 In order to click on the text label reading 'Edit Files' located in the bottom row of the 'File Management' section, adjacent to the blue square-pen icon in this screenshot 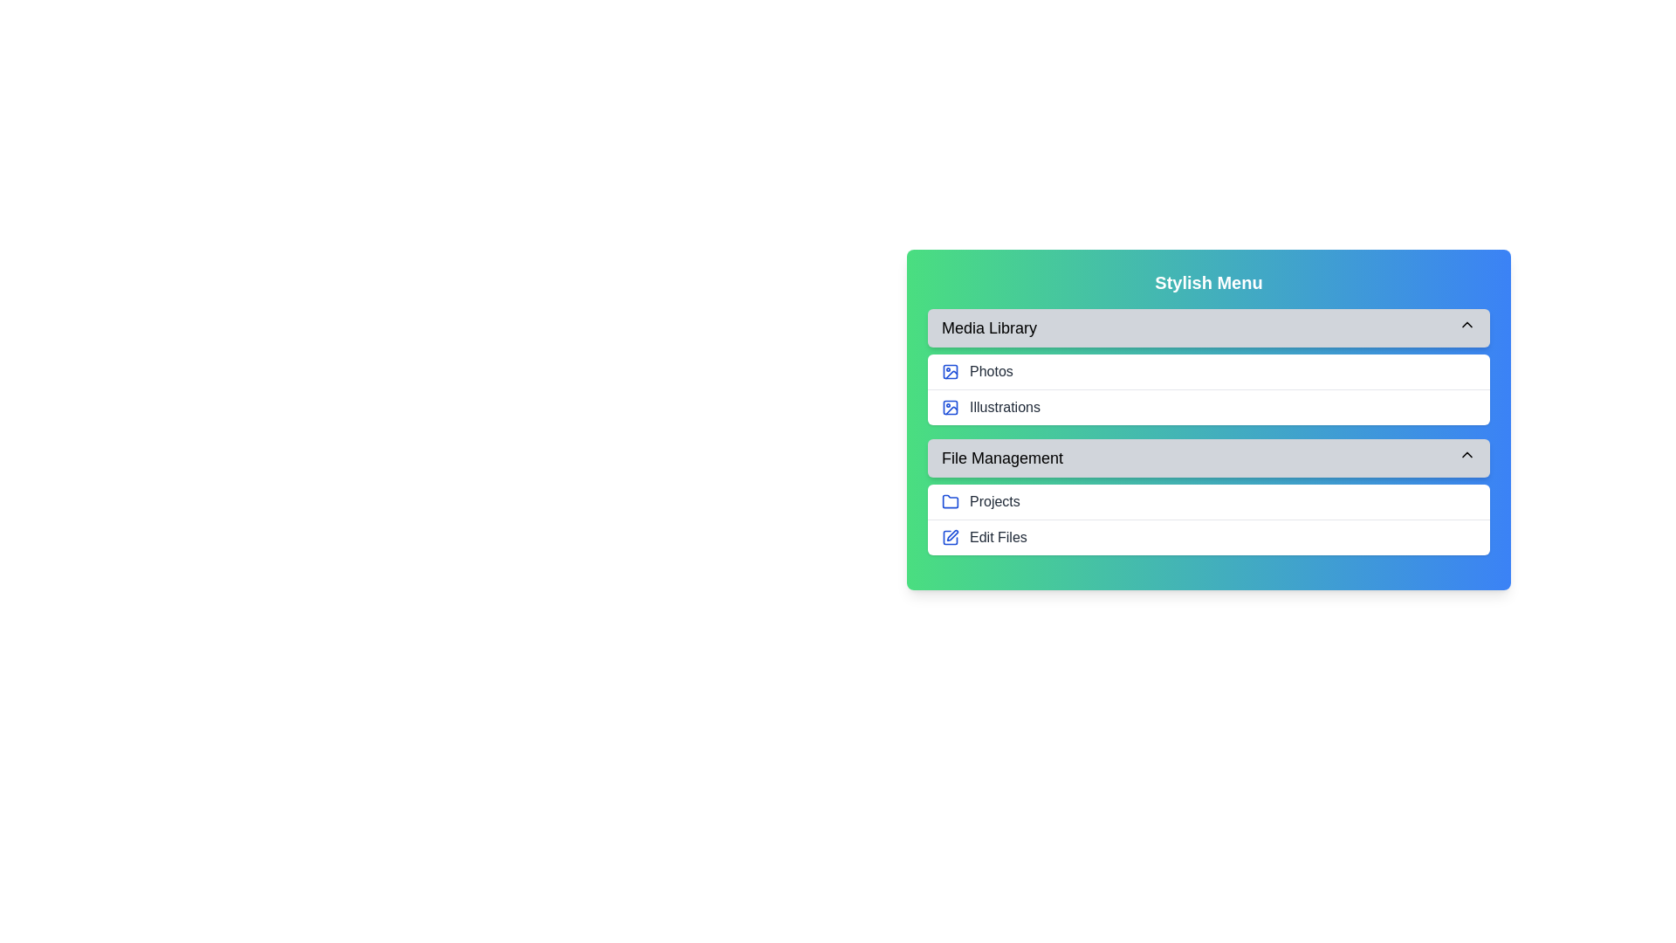, I will do `click(998, 537)`.